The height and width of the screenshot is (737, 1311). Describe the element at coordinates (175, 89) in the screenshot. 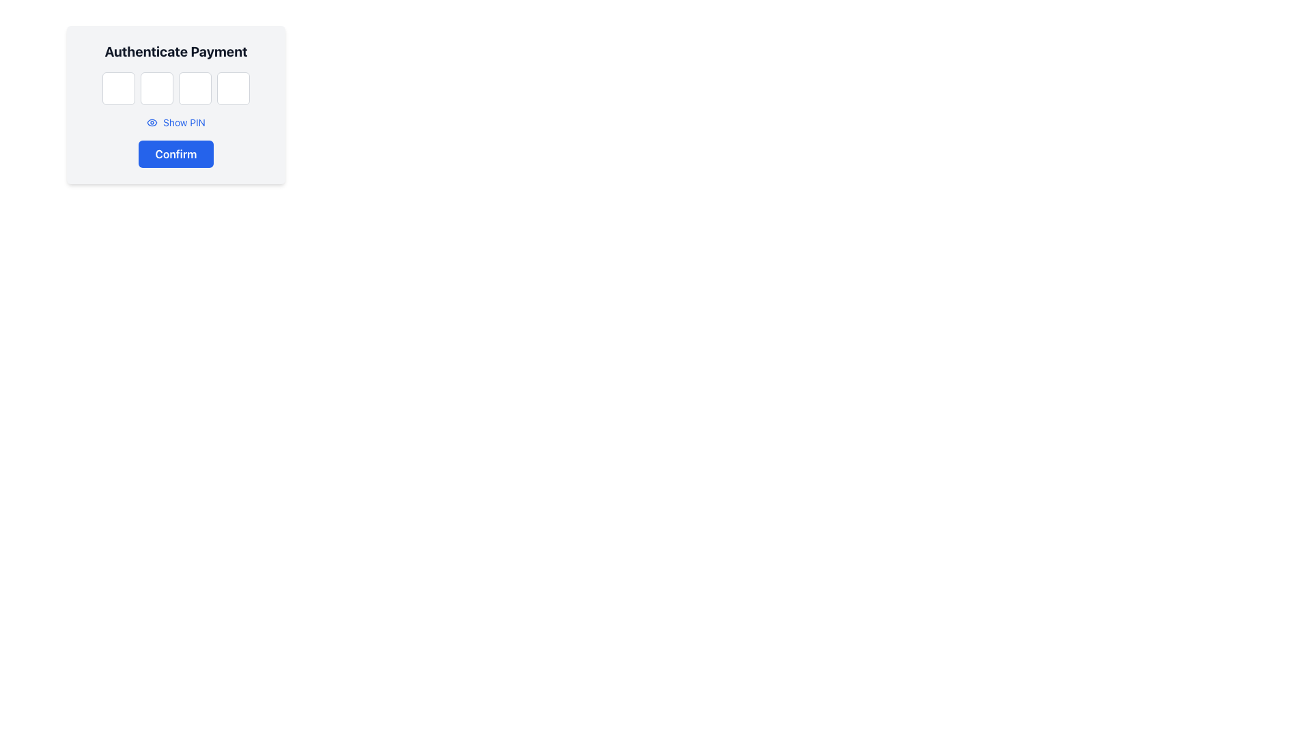

I see `each of the four rectangular input fields in the PIN entry field group to focus on them, starting from the leftmost field` at that location.